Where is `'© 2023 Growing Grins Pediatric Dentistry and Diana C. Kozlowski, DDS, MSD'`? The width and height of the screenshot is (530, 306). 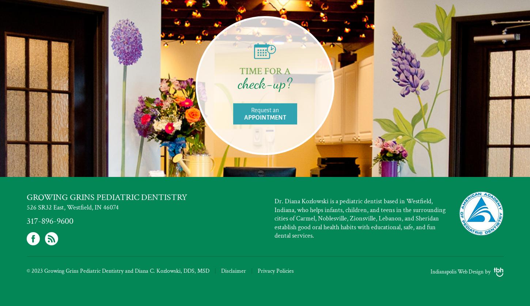
'© 2023 Growing Grins Pediatric Dentistry and Diana C. Kozlowski, DDS, MSD' is located at coordinates (26, 271).